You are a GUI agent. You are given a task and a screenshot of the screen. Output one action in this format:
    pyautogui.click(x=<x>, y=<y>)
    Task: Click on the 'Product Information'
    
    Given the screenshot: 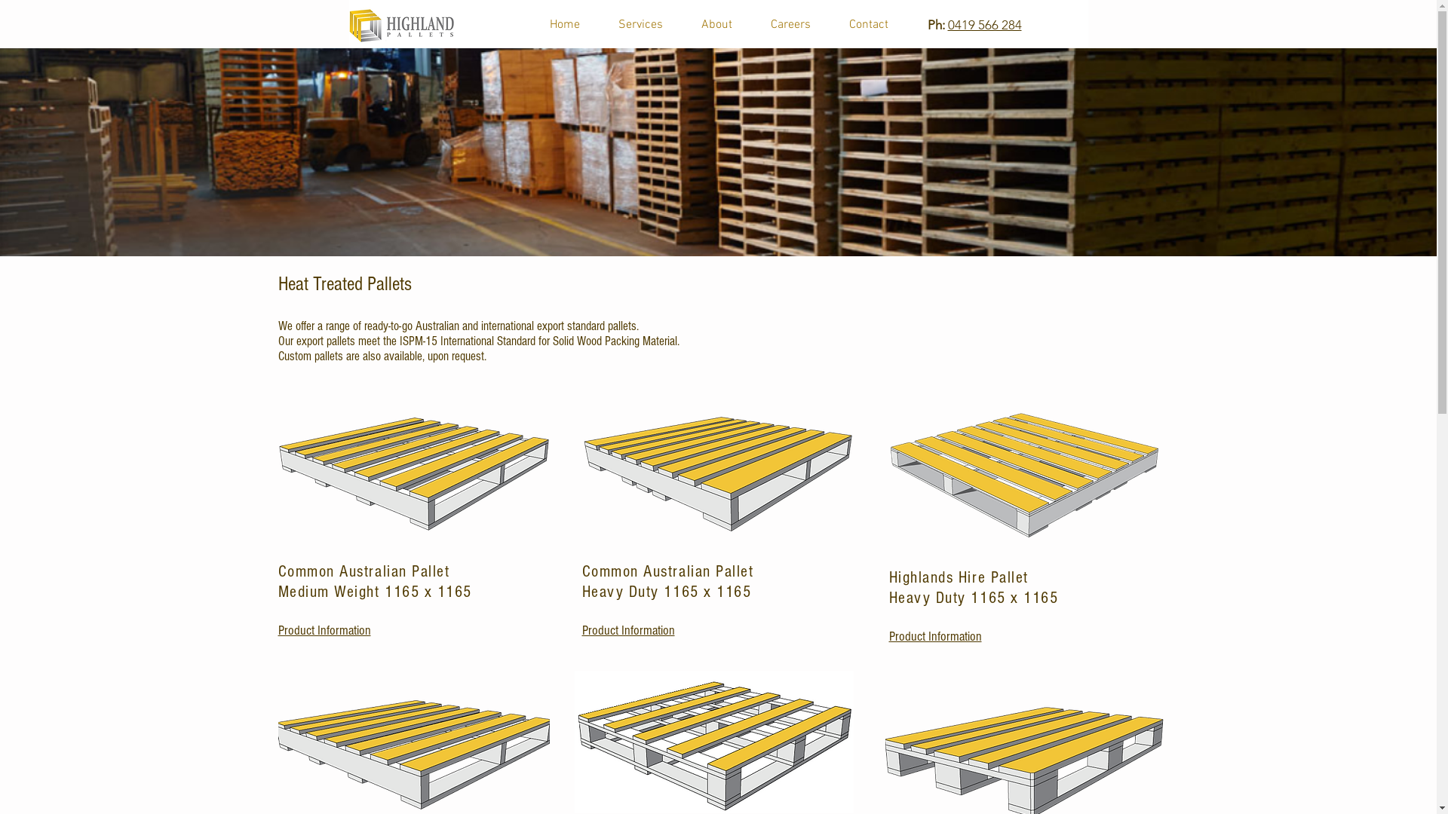 What is the action you would take?
    pyautogui.click(x=628, y=630)
    